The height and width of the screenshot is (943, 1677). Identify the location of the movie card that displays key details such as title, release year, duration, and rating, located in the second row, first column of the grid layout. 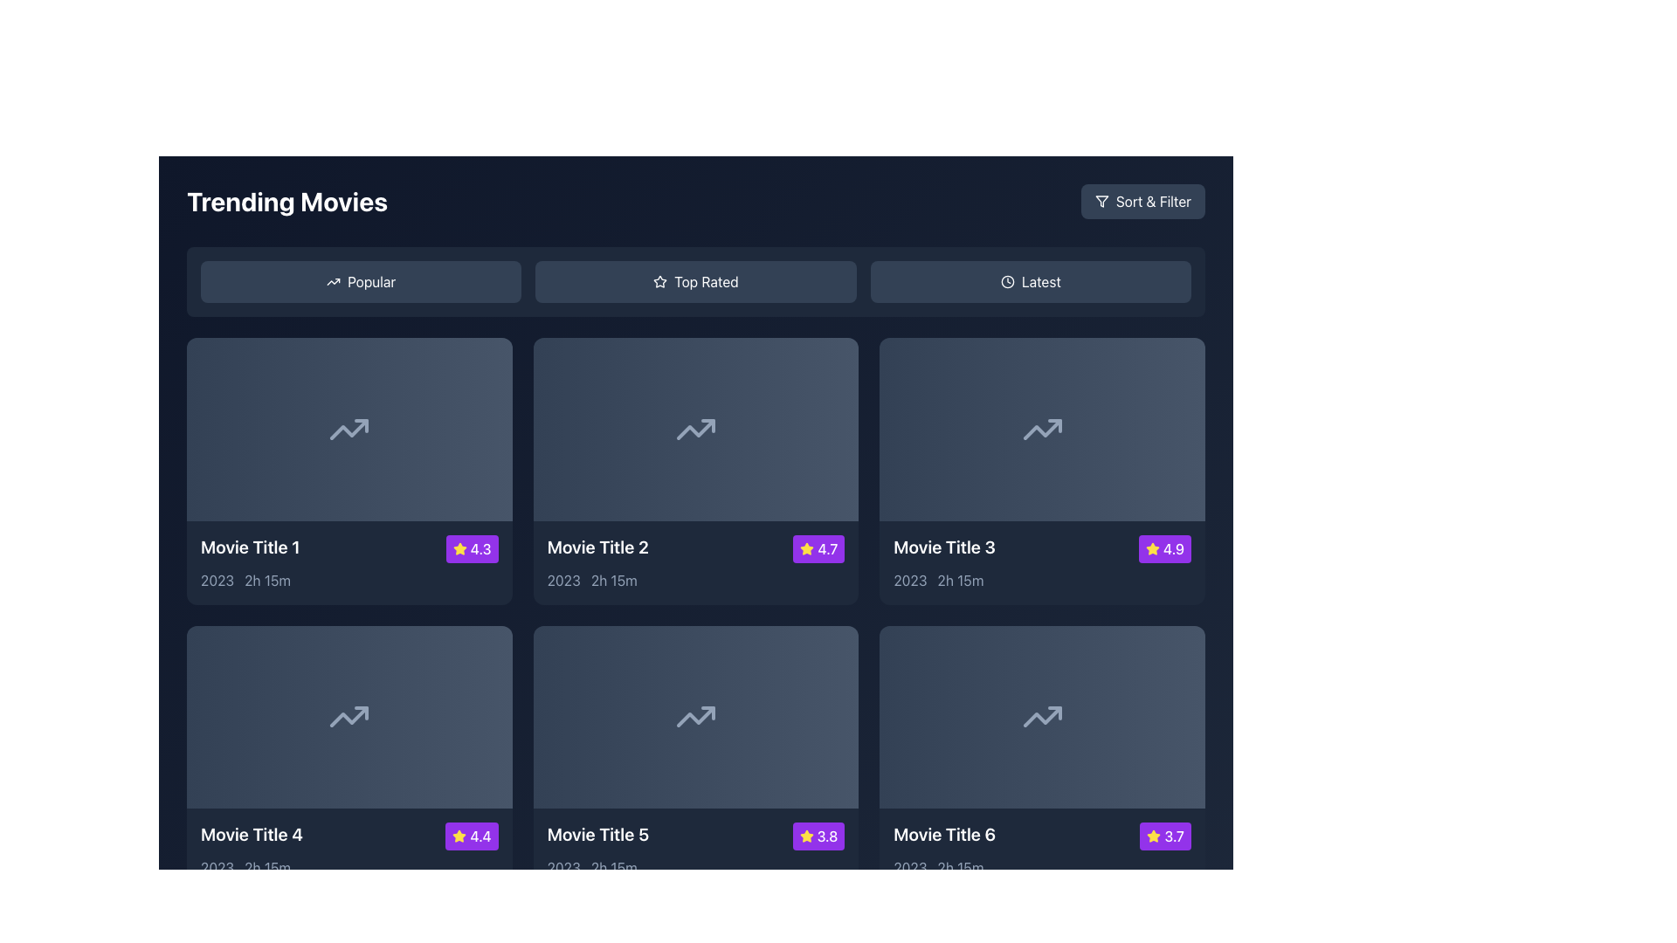
(349, 758).